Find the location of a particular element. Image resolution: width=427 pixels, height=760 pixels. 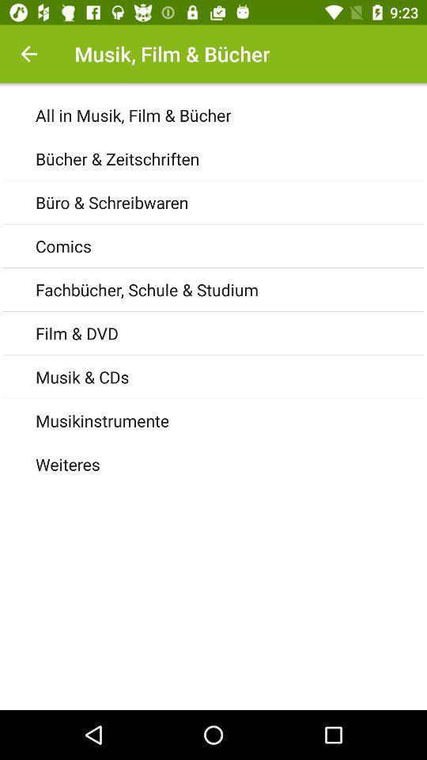

the icon above the weiteres icon is located at coordinates (230, 420).